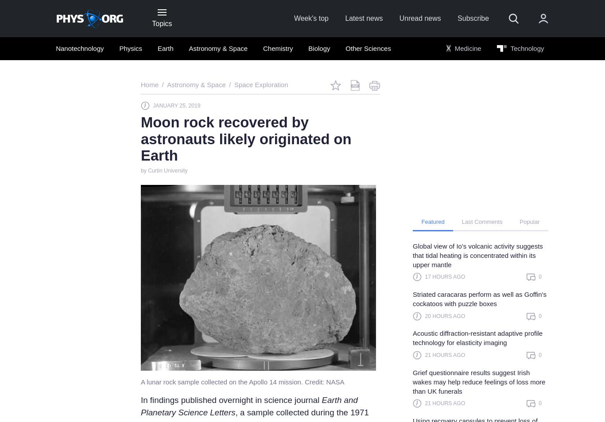 The height and width of the screenshot is (422, 605). I want to click on 'Maybe later', so click(319, 390).